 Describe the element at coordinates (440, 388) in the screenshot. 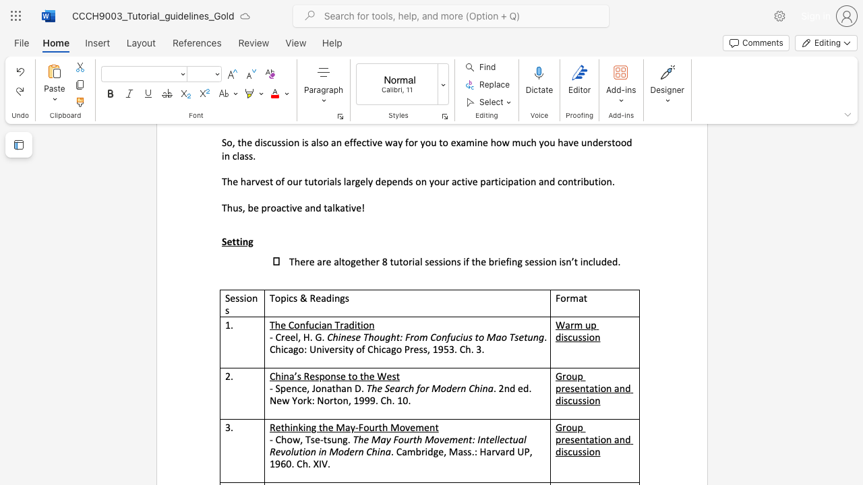

I see `the subset text "odern China" within the text "The Search for Modern China"` at that location.